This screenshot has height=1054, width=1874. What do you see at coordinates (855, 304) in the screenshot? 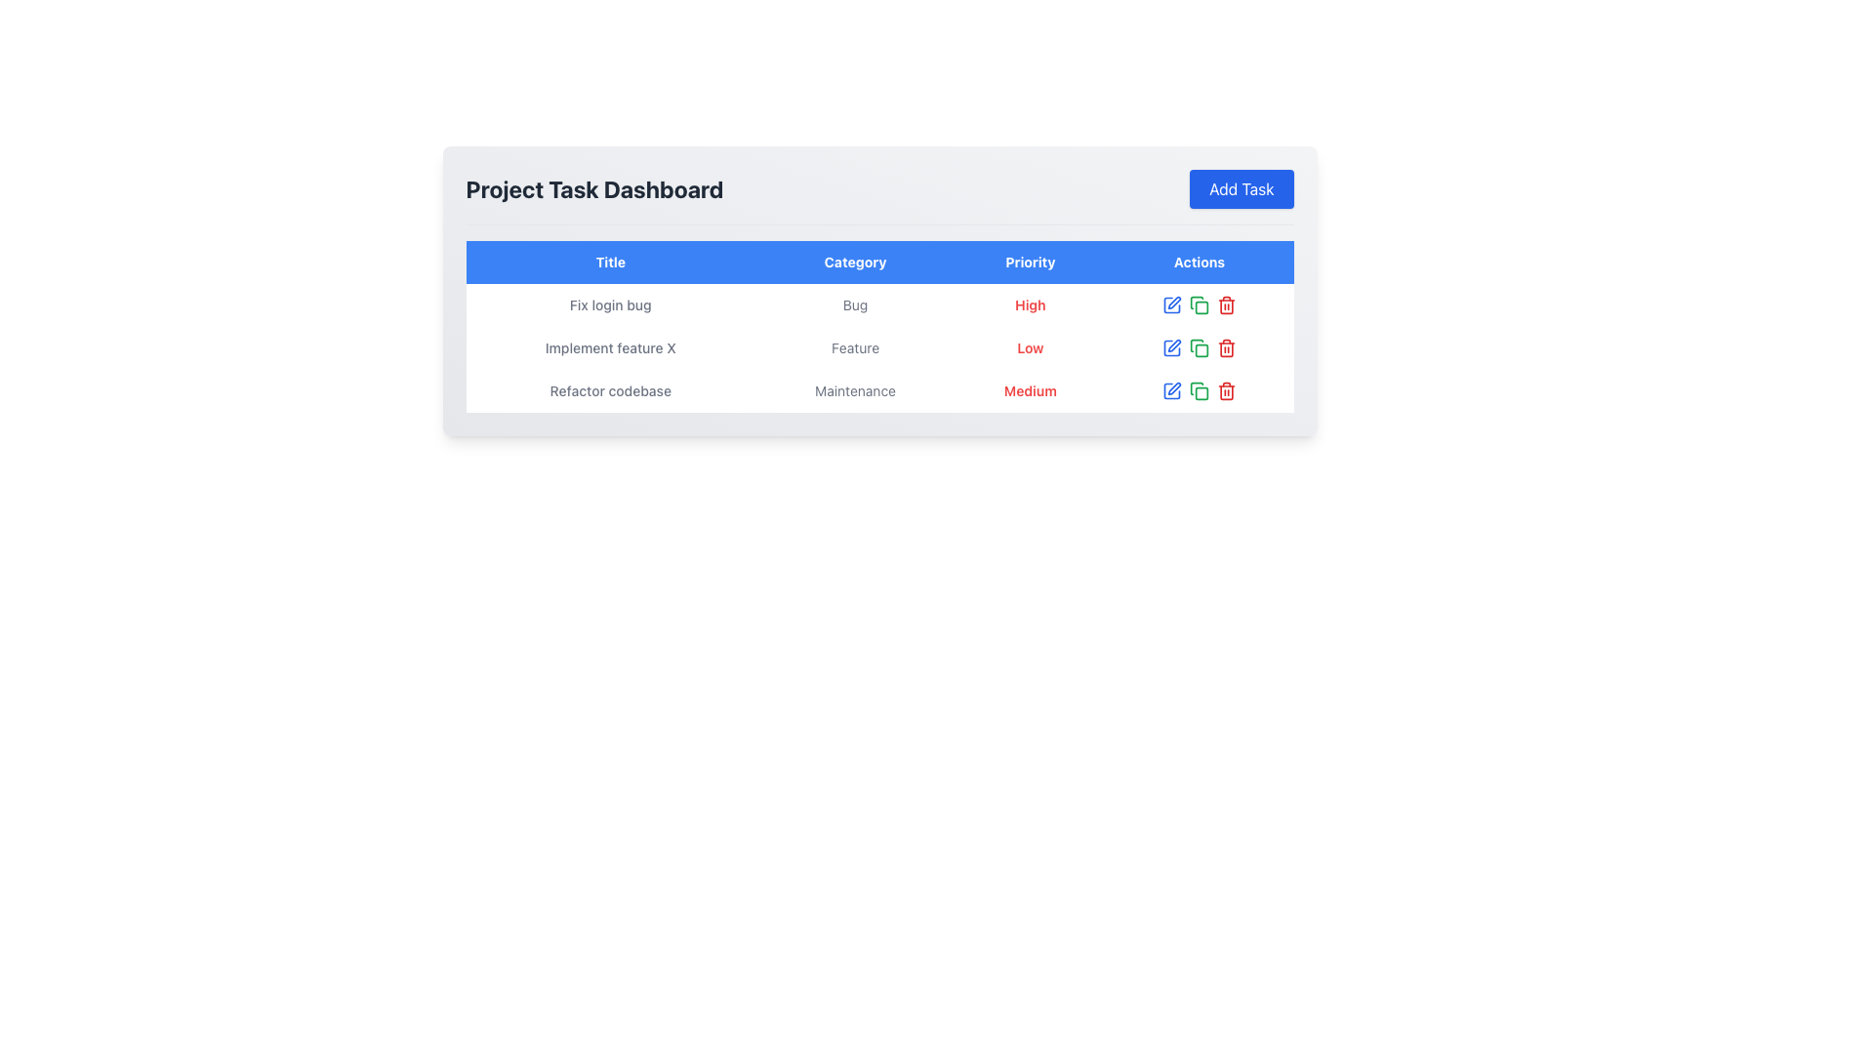
I see `the label displaying 'Bug' in the Category column of the table under the 'Fix login bug' row` at bounding box center [855, 304].